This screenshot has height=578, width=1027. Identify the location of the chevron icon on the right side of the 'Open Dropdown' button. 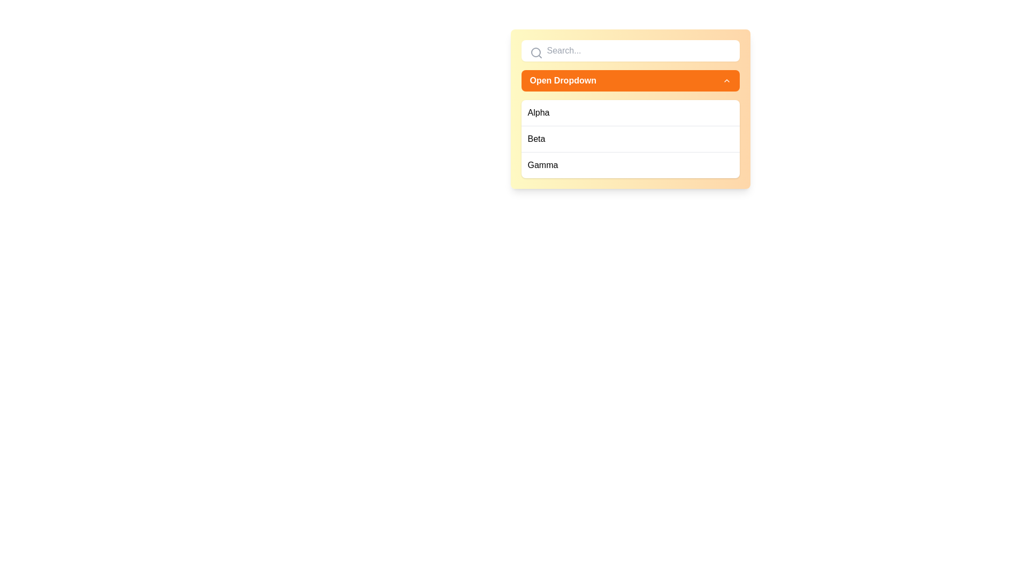
(726, 80).